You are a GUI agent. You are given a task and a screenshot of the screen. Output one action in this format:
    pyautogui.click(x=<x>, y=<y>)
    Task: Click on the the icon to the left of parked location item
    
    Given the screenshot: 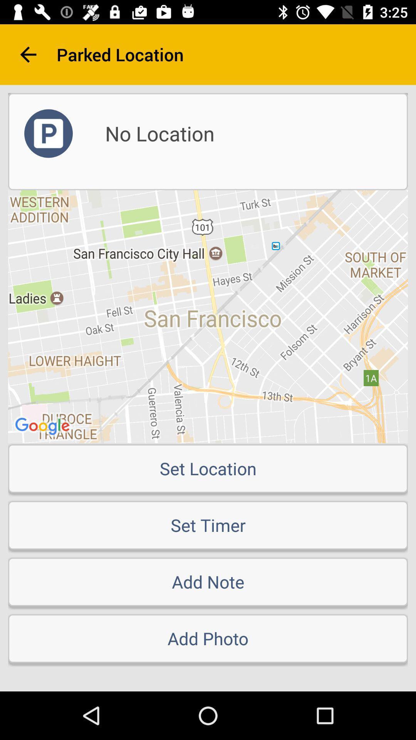 What is the action you would take?
    pyautogui.click(x=28, y=54)
    